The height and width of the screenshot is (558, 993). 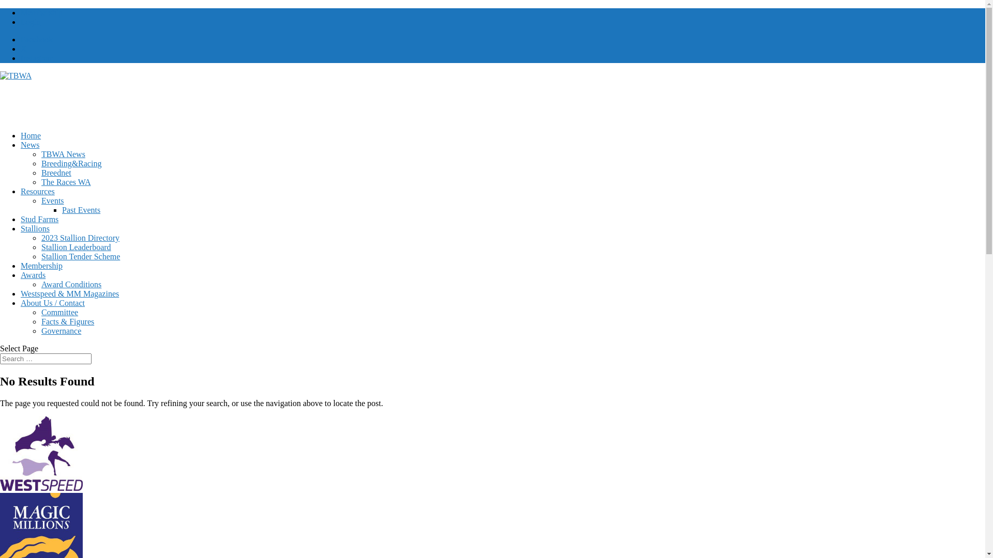 What do you see at coordinates (41, 172) in the screenshot?
I see `'Breednet'` at bounding box center [41, 172].